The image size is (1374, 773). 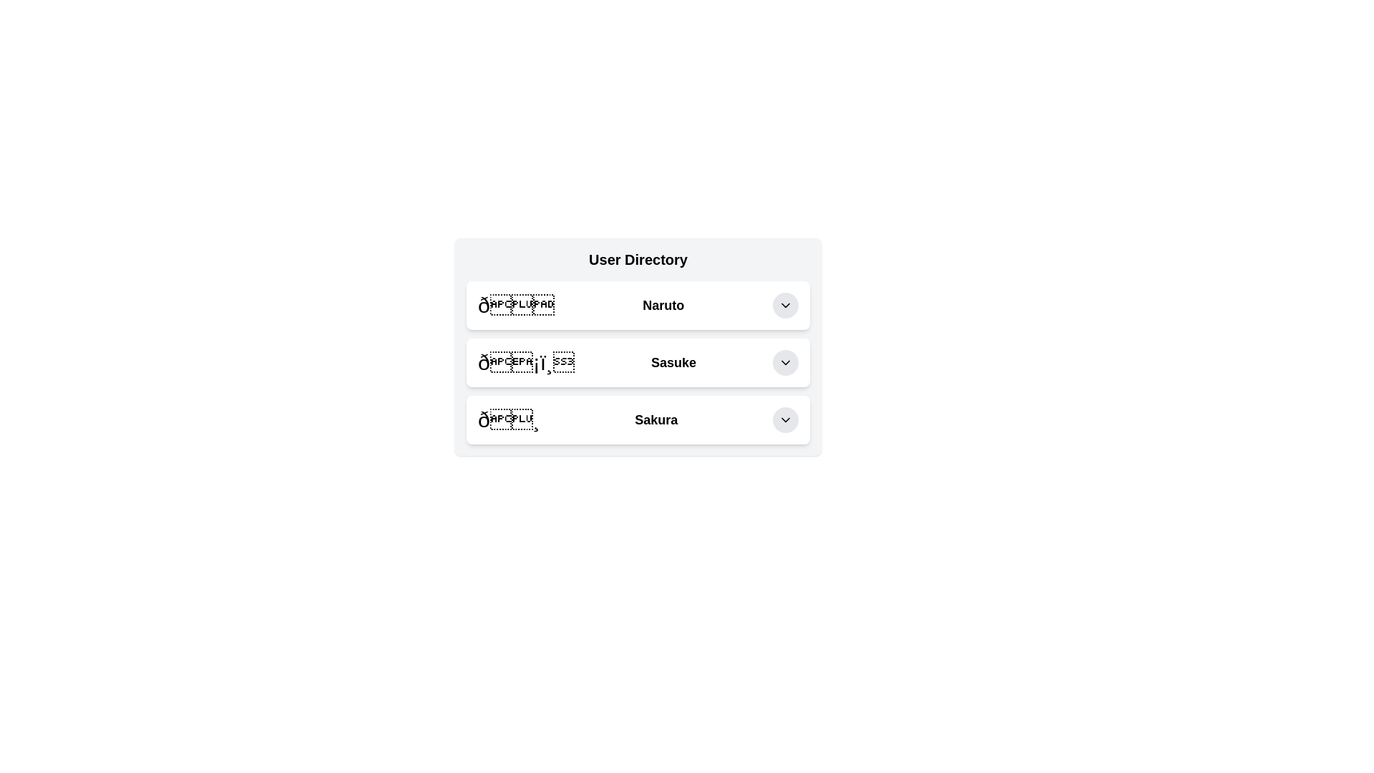 I want to click on the interactive list item representing 'Sakura' in the User Directory, which is the third item in the list, so click(x=638, y=419).